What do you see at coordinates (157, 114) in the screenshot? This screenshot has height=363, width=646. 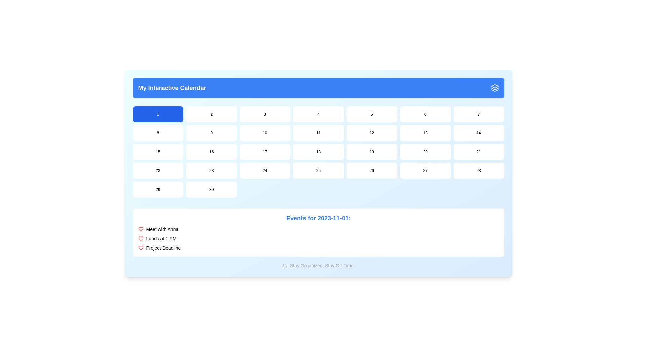 I see `the first day button in the monthly calendar view` at bounding box center [157, 114].